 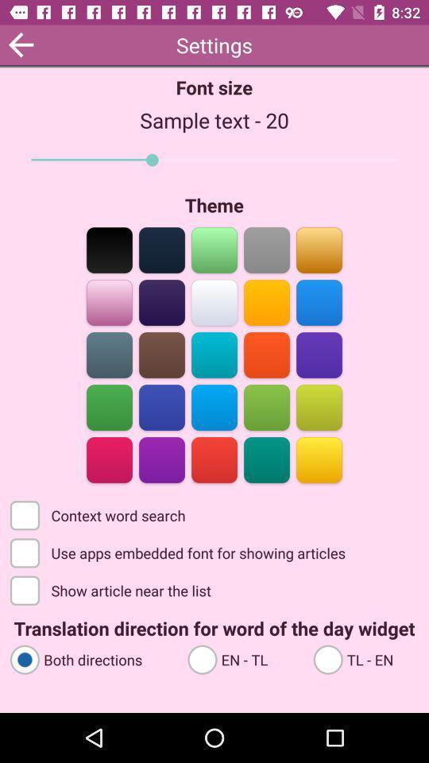 I want to click on color, so click(x=319, y=459).